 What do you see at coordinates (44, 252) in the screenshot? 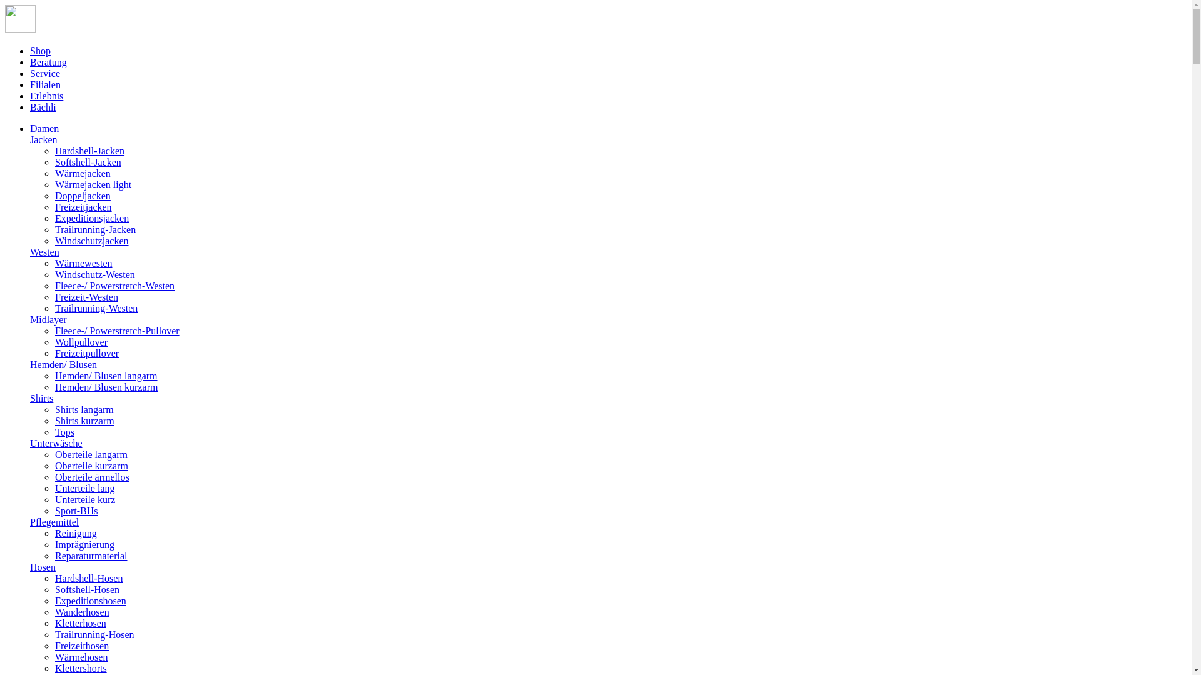
I see `'Westen'` at bounding box center [44, 252].